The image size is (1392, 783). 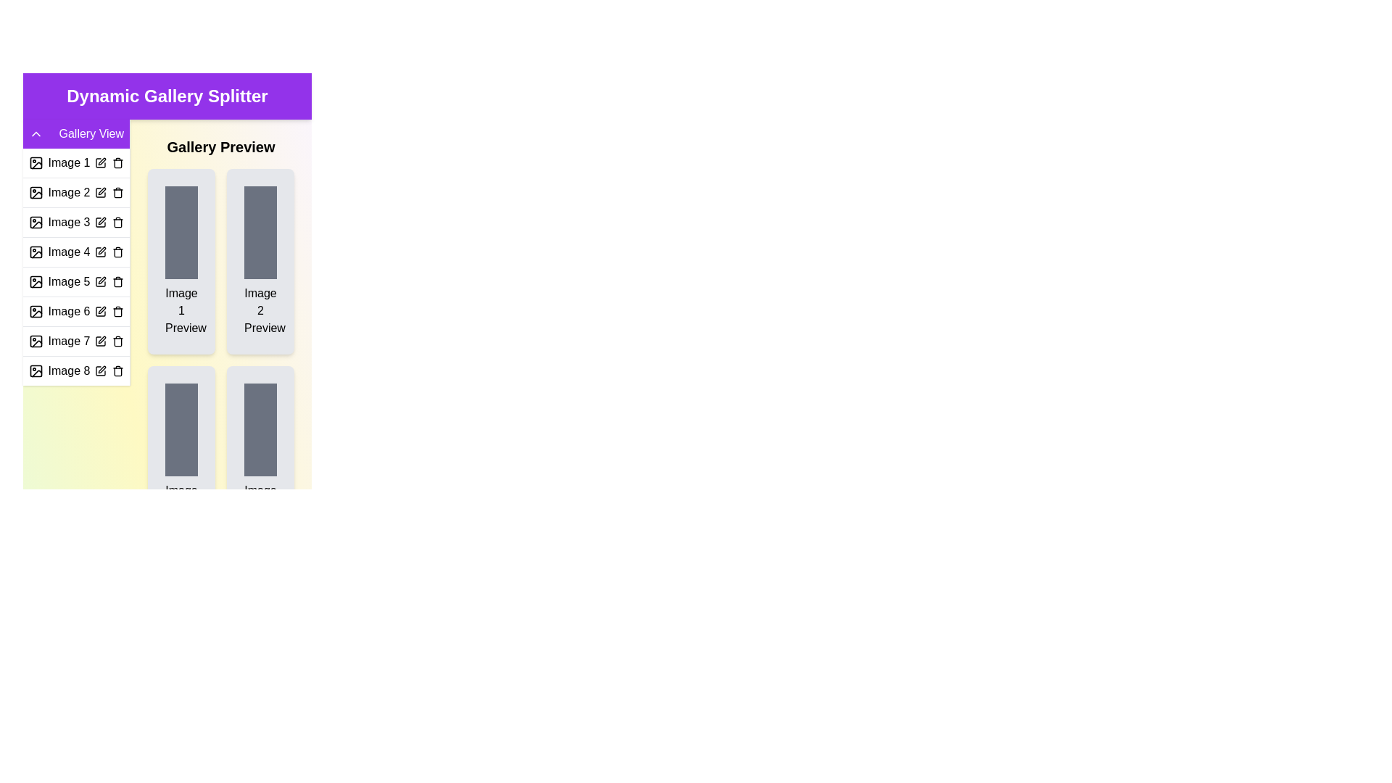 I want to click on the list item labeled 'Image 2' which contains an image icon on the left and edit and delete icons on the right, so click(x=75, y=191).